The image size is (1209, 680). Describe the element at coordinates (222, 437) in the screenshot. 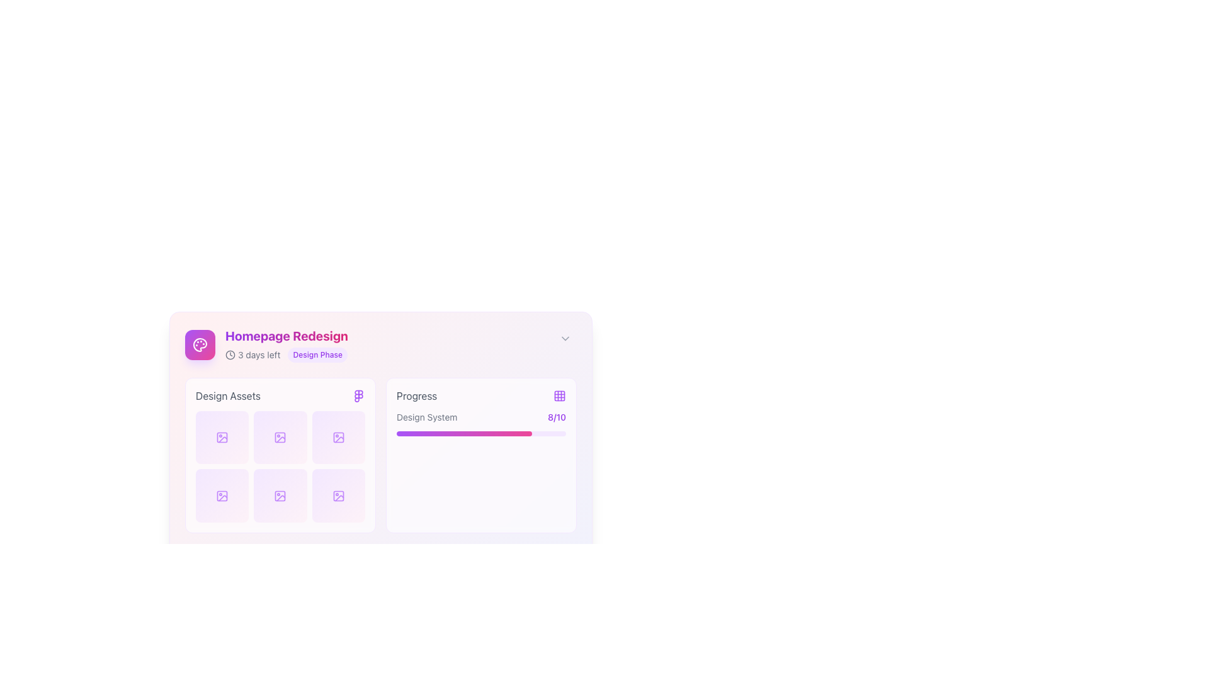

I see `the decorative rectangle with rounded corners and a purple icon, located in the top-left grid section labeled 'Design Assets'` at that location.